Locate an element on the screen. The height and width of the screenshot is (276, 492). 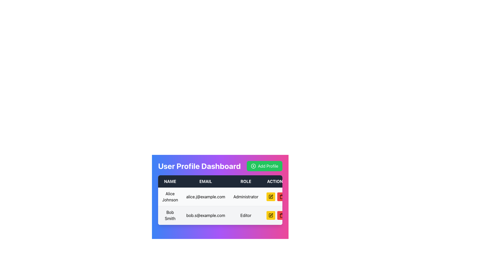
Text Label that serves as the visual label for the email addresses column in the table, positioned between the 'Name' and 'Role' columns is located at coordinates (206, 181).